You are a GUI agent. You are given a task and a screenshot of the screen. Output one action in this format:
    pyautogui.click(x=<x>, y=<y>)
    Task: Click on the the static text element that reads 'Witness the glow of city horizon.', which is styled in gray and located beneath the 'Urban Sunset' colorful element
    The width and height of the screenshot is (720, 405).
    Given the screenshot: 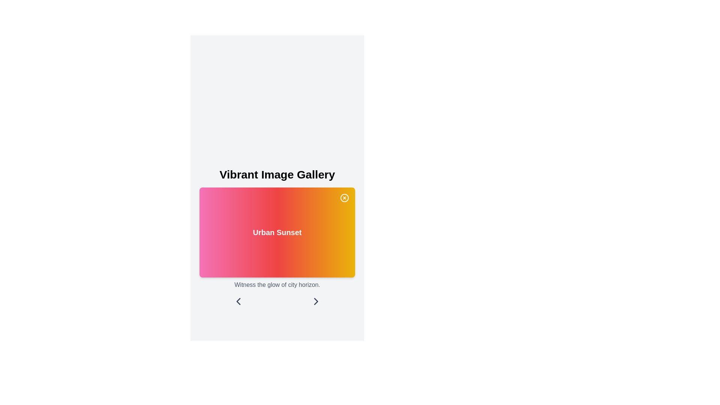 What is the action you would take?
    pyautogui.click(x=277, y=285)
    